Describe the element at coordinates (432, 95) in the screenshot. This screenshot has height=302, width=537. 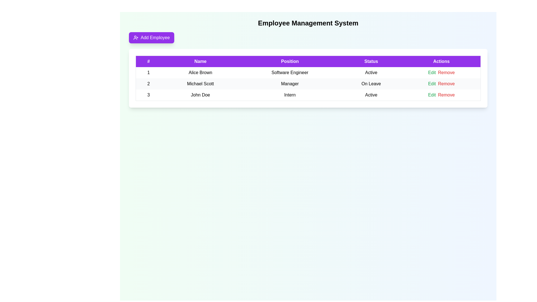
I see `the green text link labeled 'Edit' located in the 'Actions' column of the table` at that location.